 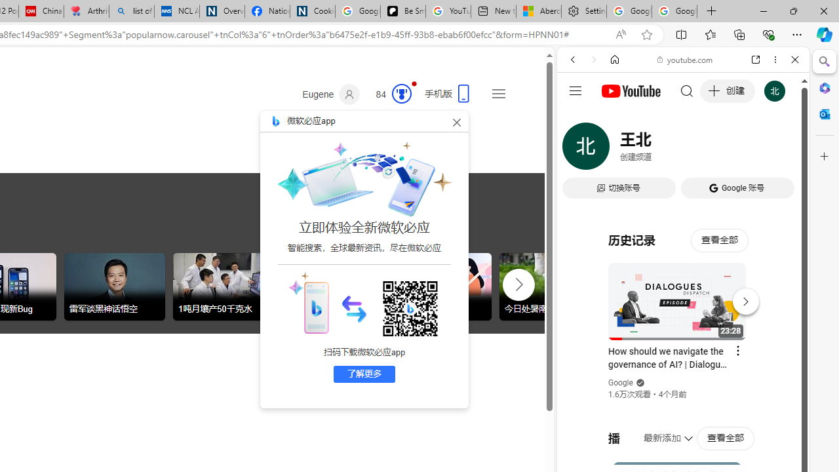 What do you see at coordinates (539, 11) in the screenshot?
I see `'Aberdeen, Hong Kong SAR hourly forecast | Microsoft Weather'` at bounding box center [539, 11].